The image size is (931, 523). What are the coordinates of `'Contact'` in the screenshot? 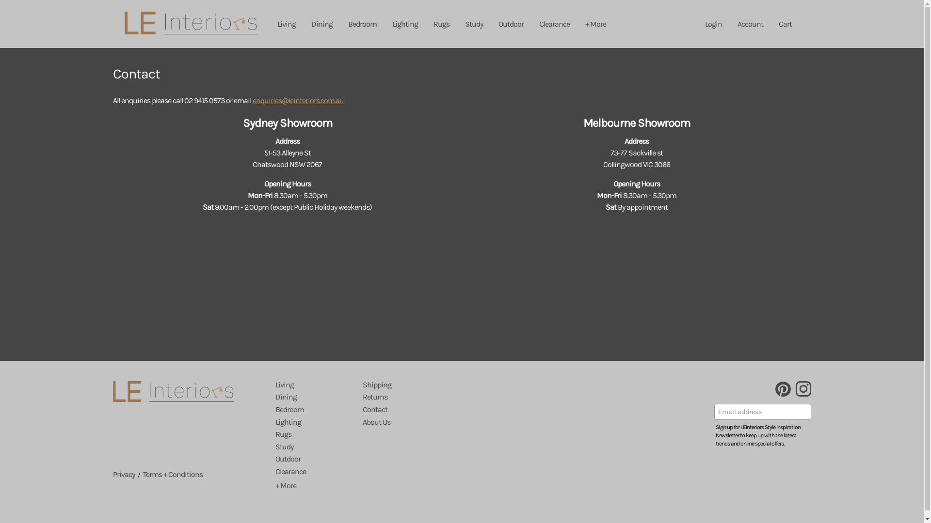 It's located at (374, 409).